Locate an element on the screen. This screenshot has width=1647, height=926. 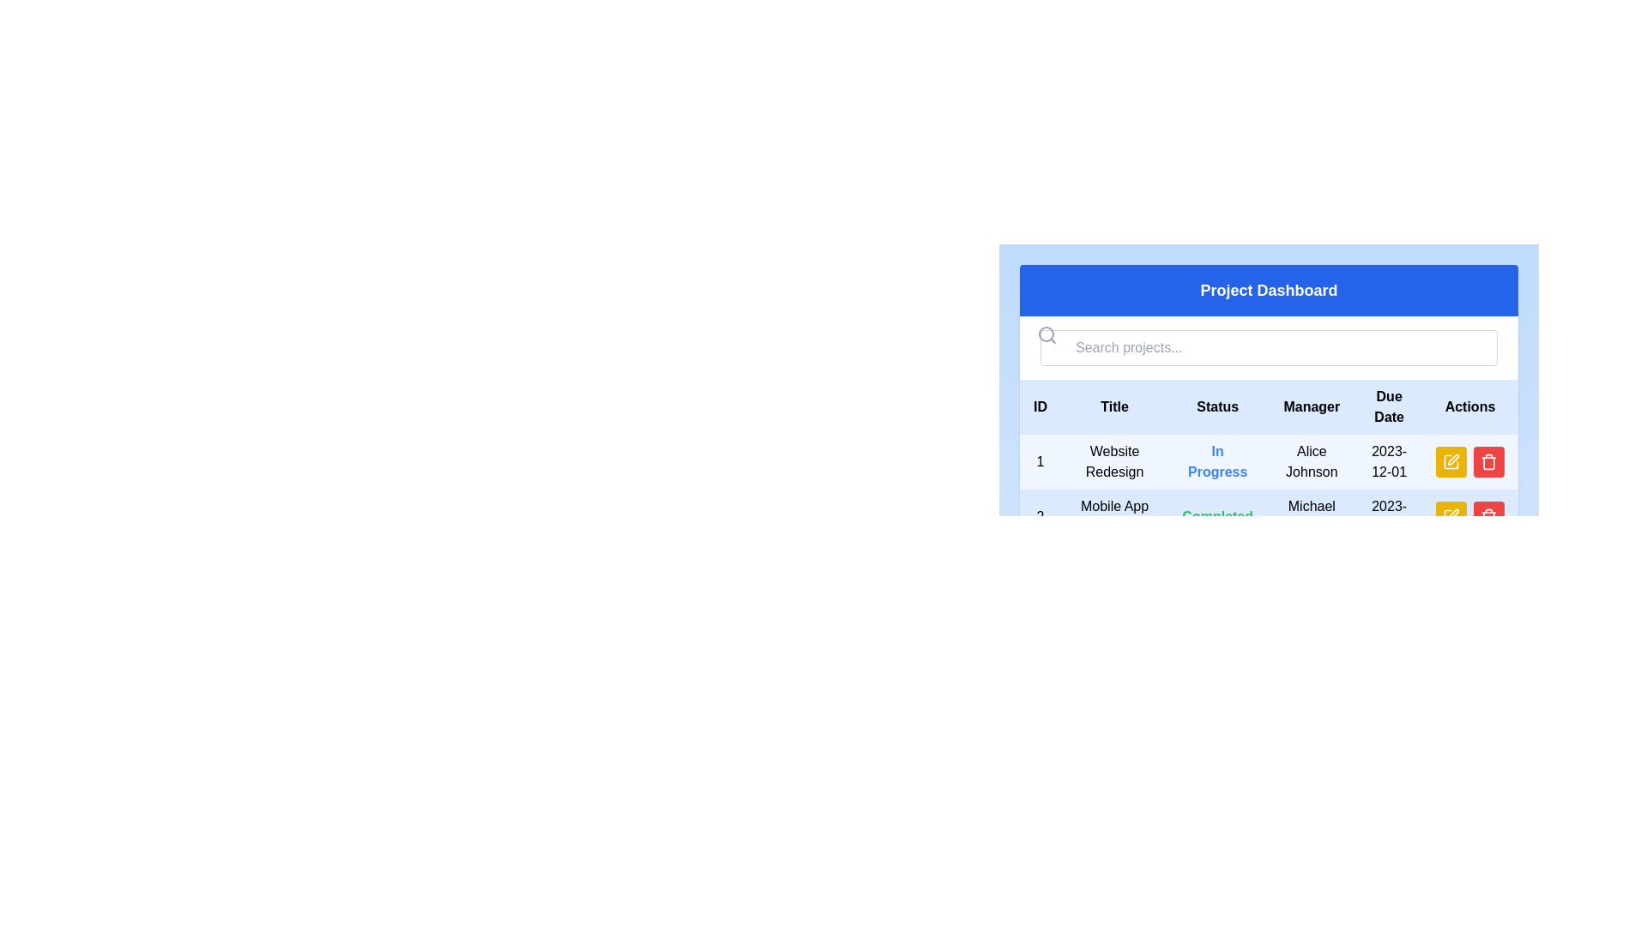
SVG Circle element that forms part of the magnifying glass in the search icon, located to the left of the search bar is located at coordinates (1045, 334).